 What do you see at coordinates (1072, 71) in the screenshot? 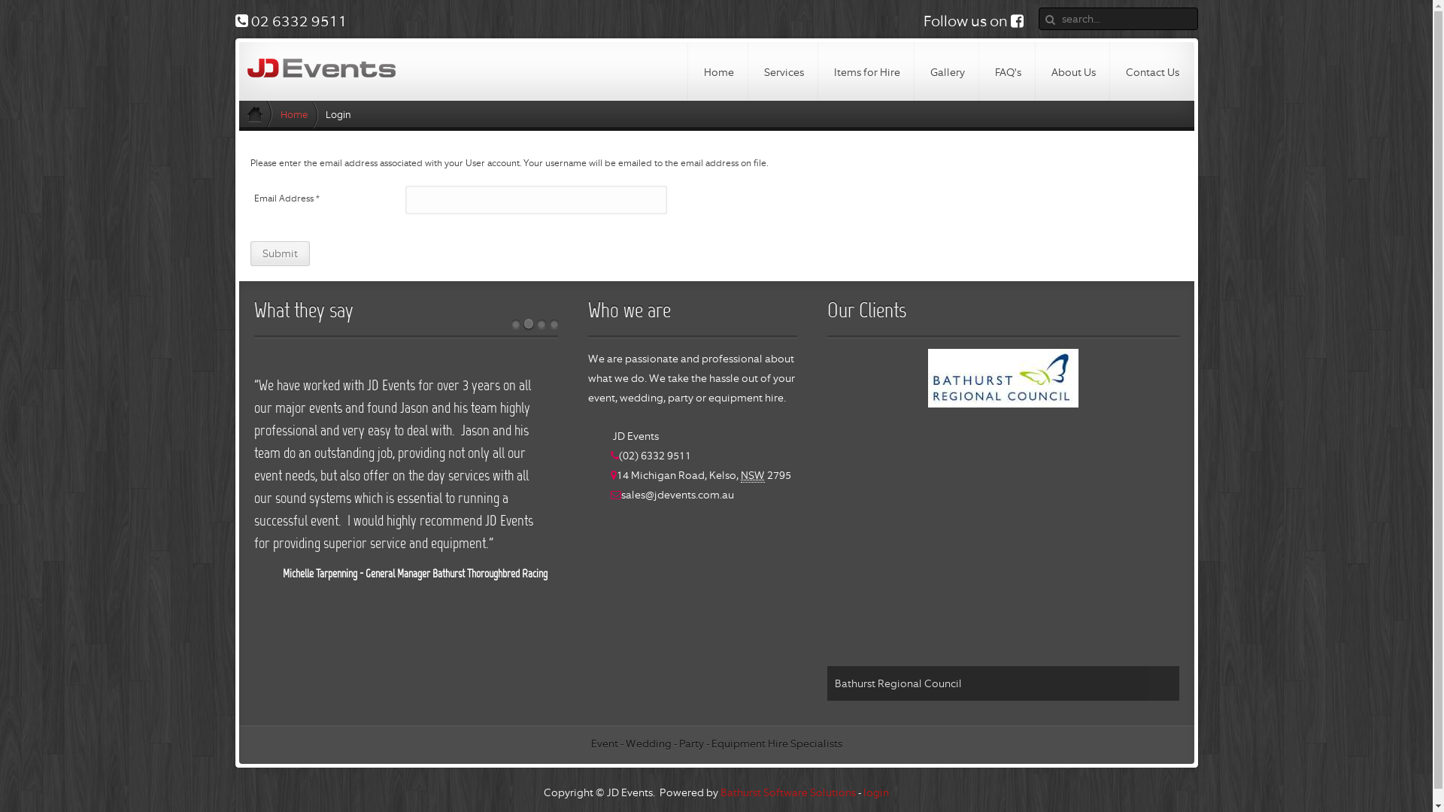
I see `'About Us'` at bounding box center [1072, 71].